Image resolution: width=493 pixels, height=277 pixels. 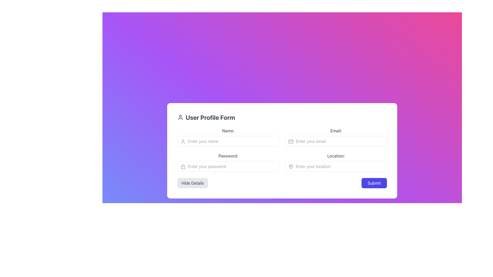 What do you see at coordinates (291, 141) in the screenshot?
I see `the email icon represented by an envelope shape located in the top-left corner of the white text box section, aligned with the 'User Profile Form' title` at bounding box center [291, 141].